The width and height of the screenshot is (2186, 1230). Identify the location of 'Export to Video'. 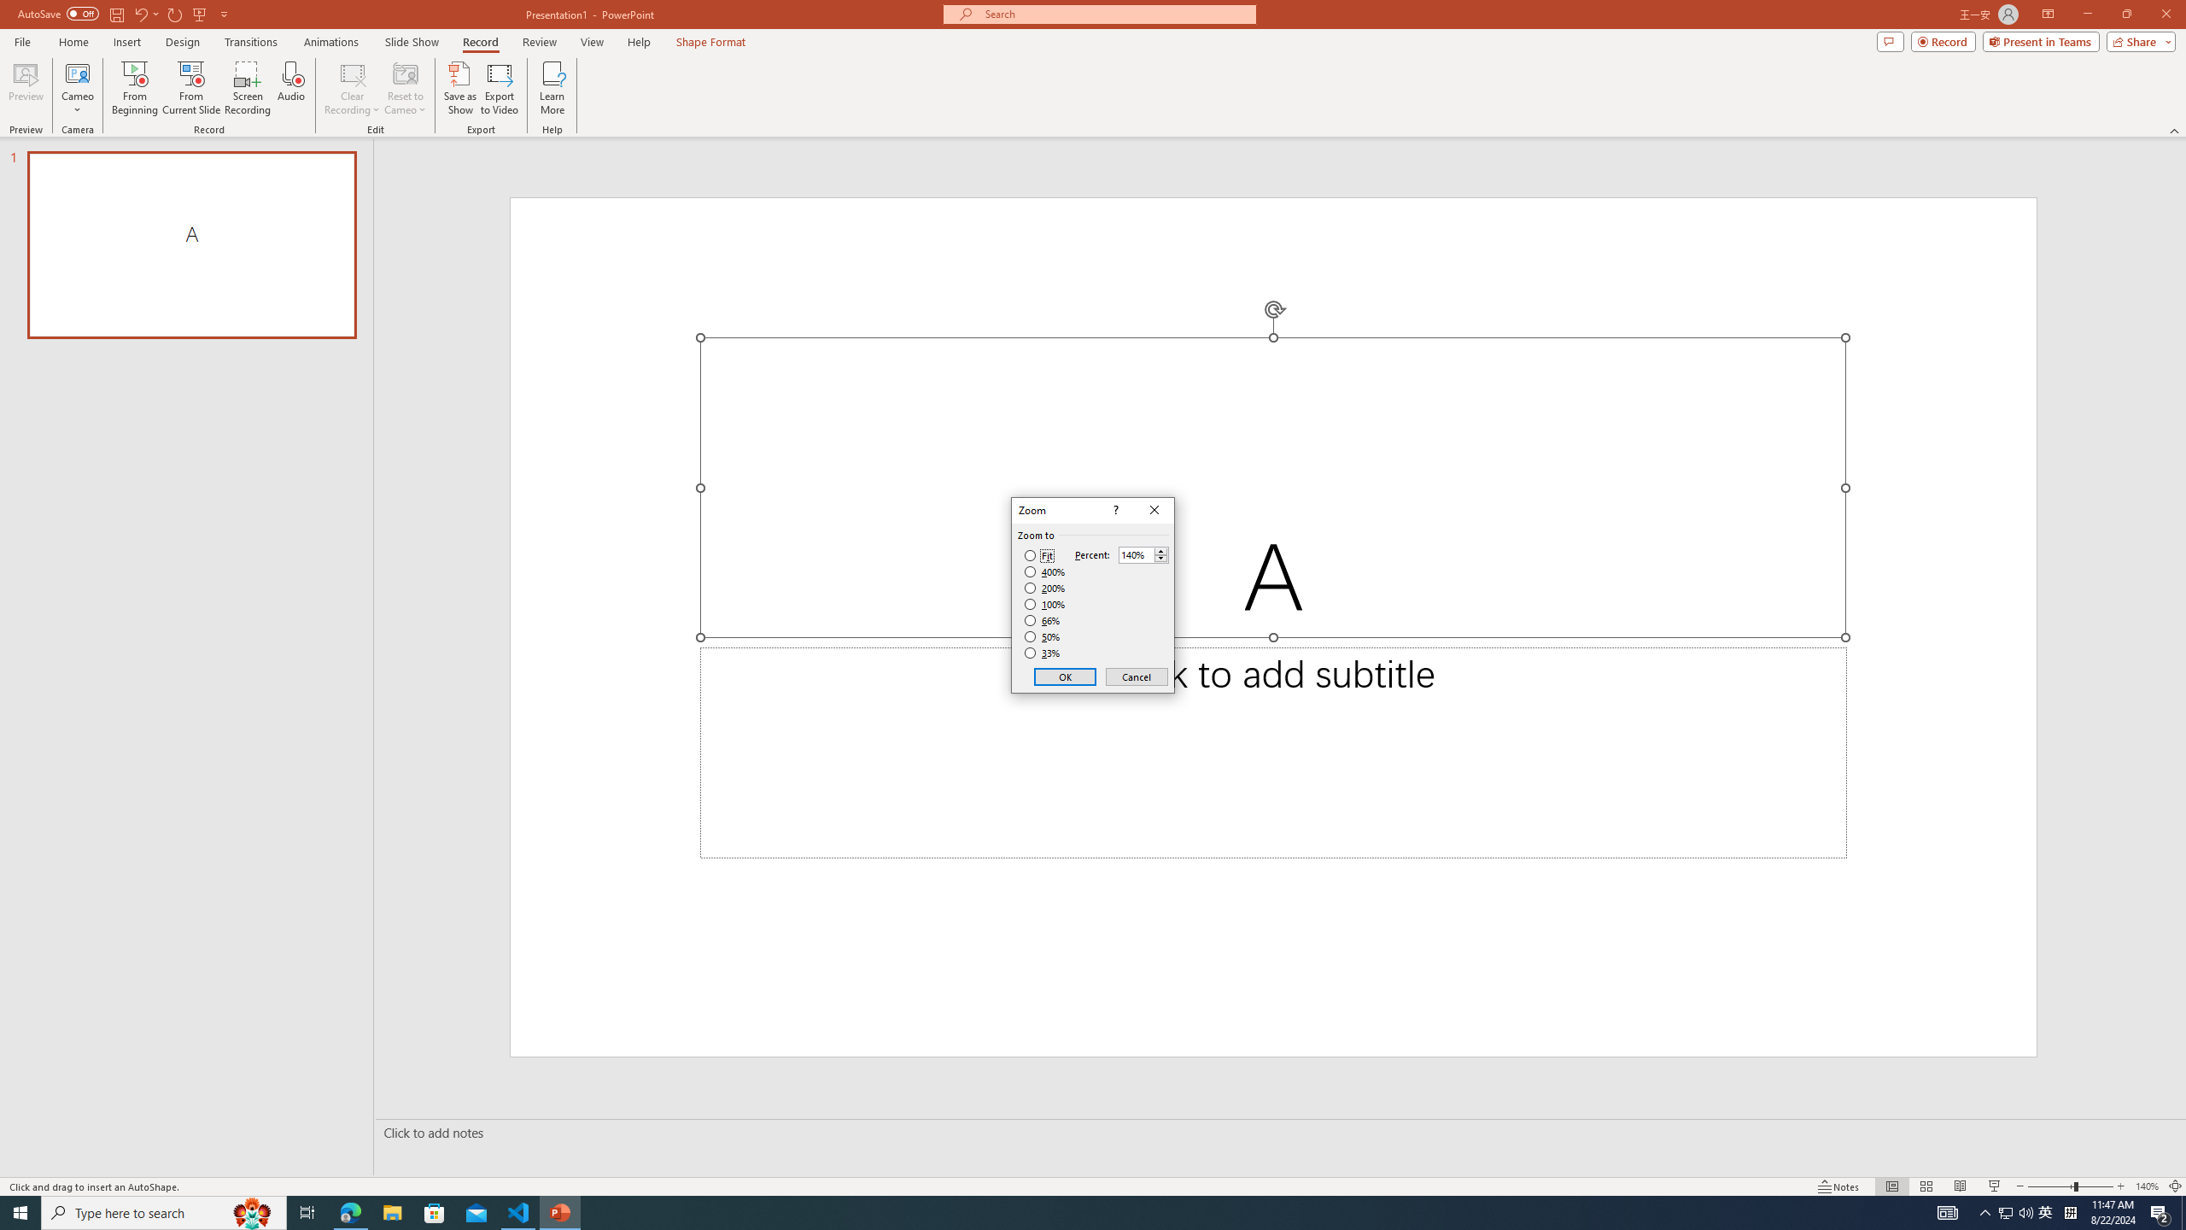
(498, 88).